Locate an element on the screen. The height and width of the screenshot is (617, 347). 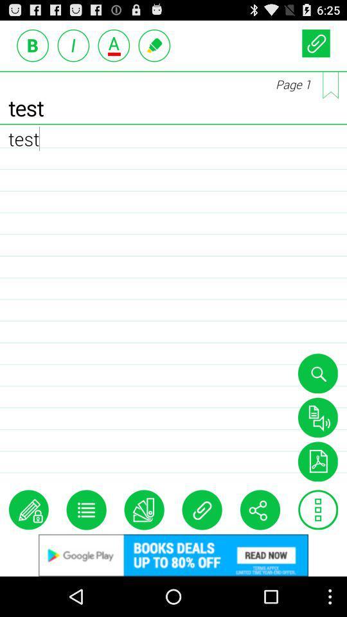
the wallpaper icon is located at coordinates (317, 493).